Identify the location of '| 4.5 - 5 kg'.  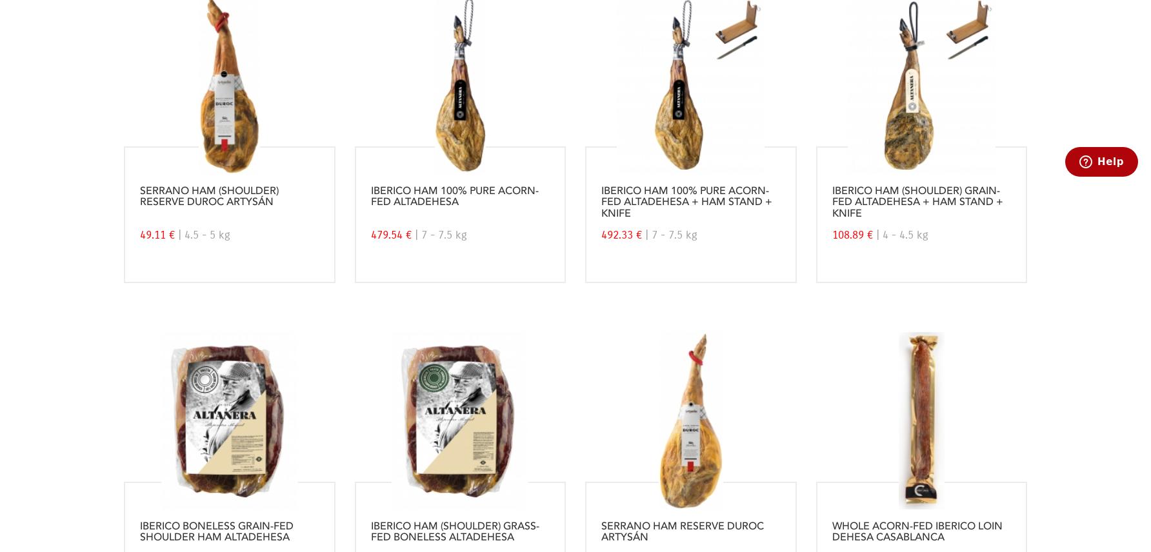
(204, 234).